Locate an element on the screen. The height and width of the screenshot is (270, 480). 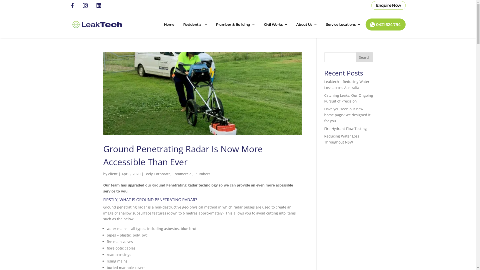
'Plumbers' is located at coordinates (202, 173).